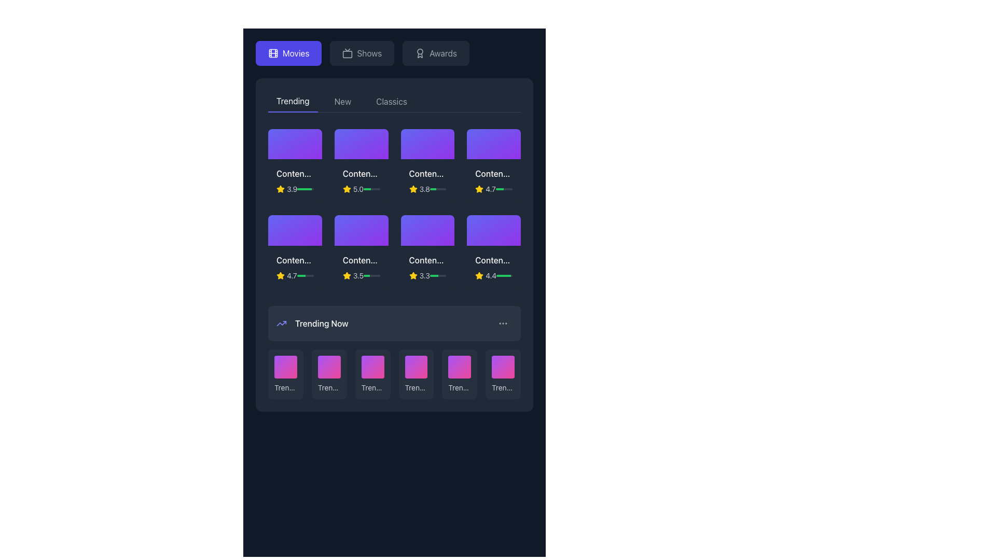 Image resolution: width=996 pixels, height=560 pixels. I want to click on the 'new' button located in the navigation tab bar, so click(342, 102).